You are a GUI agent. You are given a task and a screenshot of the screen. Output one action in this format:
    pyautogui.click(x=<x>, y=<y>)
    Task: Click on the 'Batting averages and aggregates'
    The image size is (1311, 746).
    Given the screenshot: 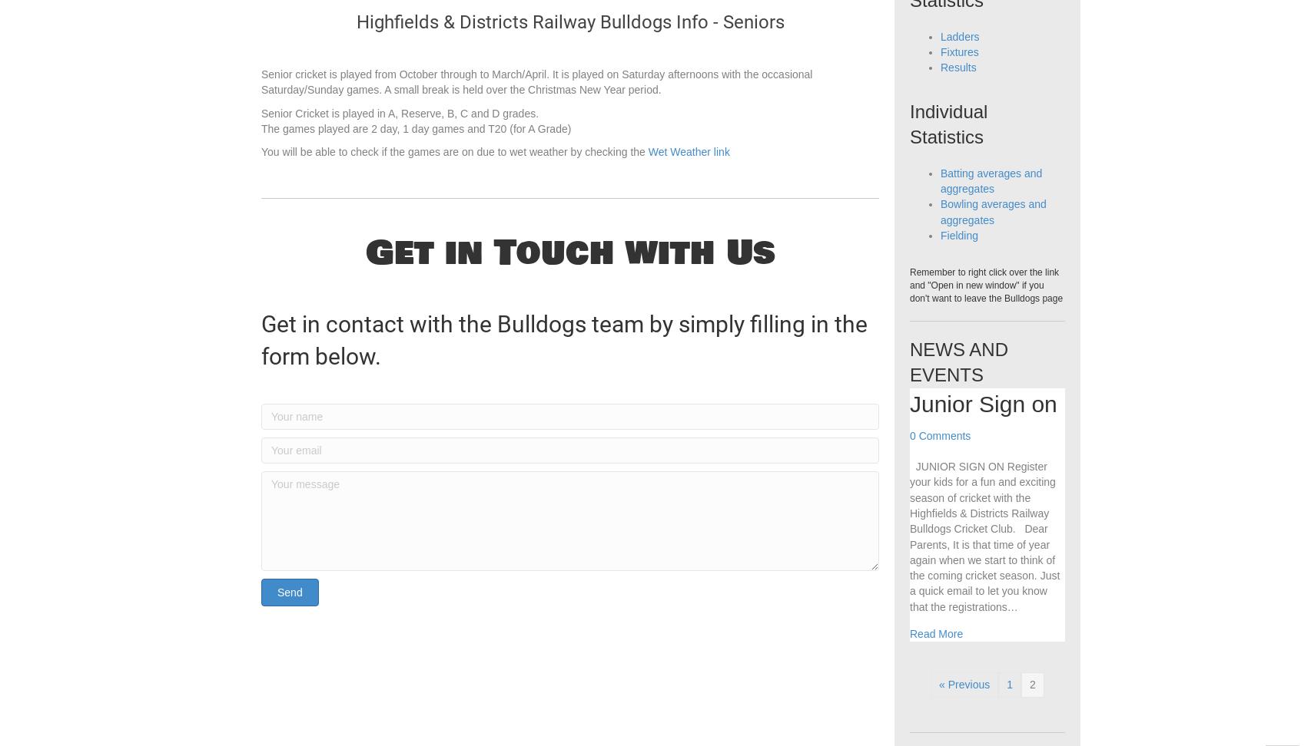 What is the action you would take?
    pyautogui.click(x=941, y=213)
    